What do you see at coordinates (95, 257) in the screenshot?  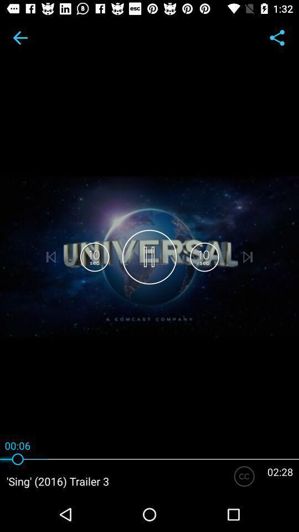 I see `the volume icon` at bounding box center [95, 257].